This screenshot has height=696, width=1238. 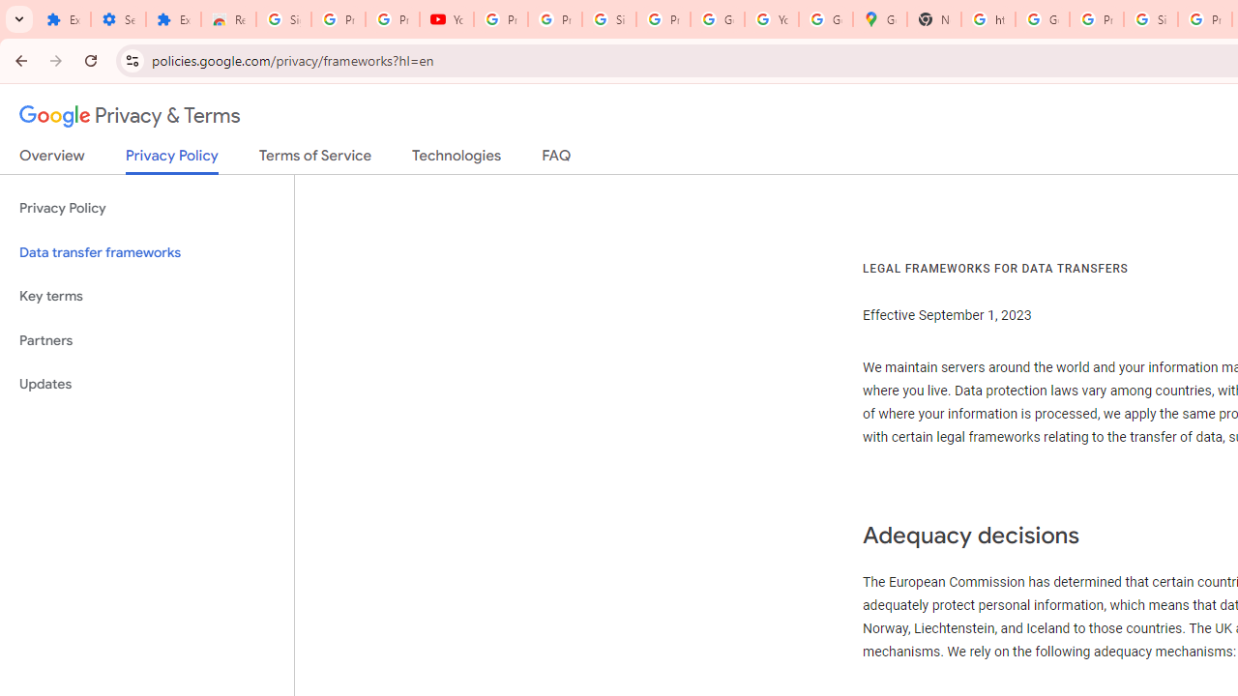 What do you see at coordinates (146, 296) in the screenshot?
I see `'Key terms'` at bounding box center [146, 296].